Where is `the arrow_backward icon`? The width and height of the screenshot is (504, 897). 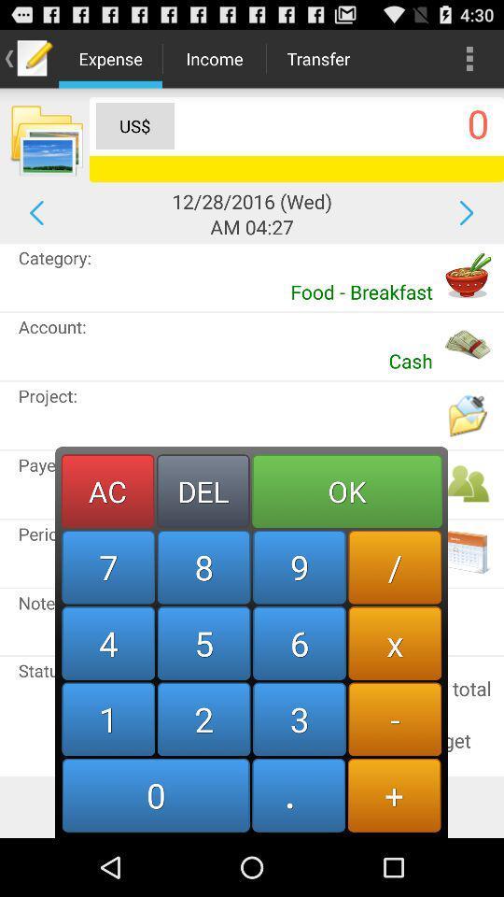
the arrow_backward icon is located at coordinates (36, 227).